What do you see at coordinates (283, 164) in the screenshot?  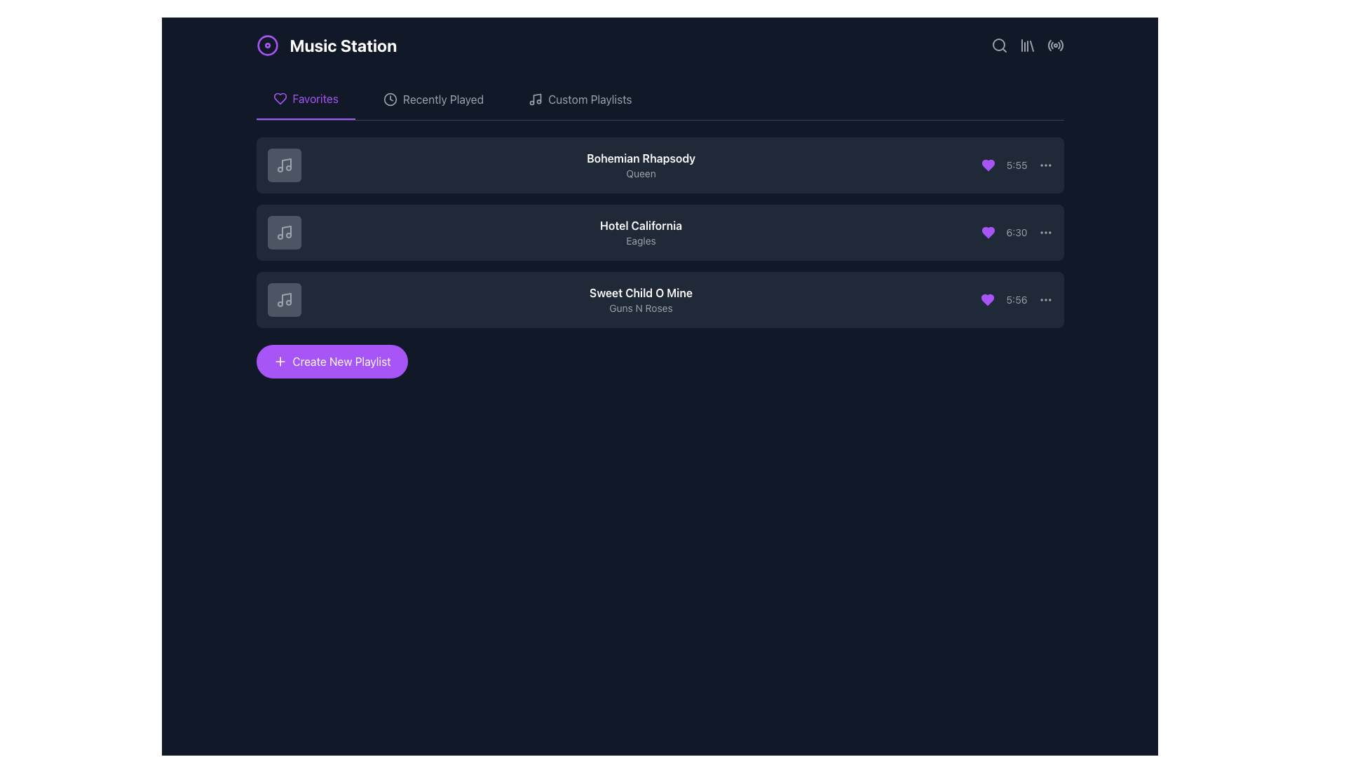 I see `the music playlist icon located in the first playlist entry of the app interface, aligned to the left side within the entry's rectangular bounding box` at bounding box center [283, 164].